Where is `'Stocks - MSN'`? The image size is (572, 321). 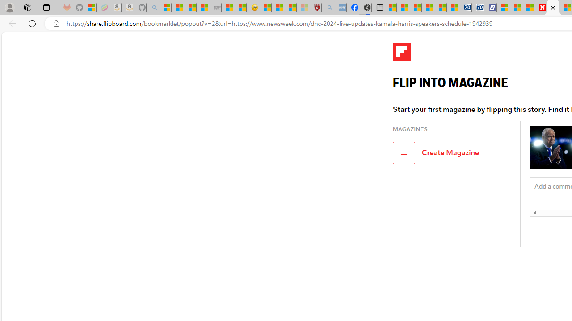 'Stocks - MSN' is located at coordinates (202, 8).